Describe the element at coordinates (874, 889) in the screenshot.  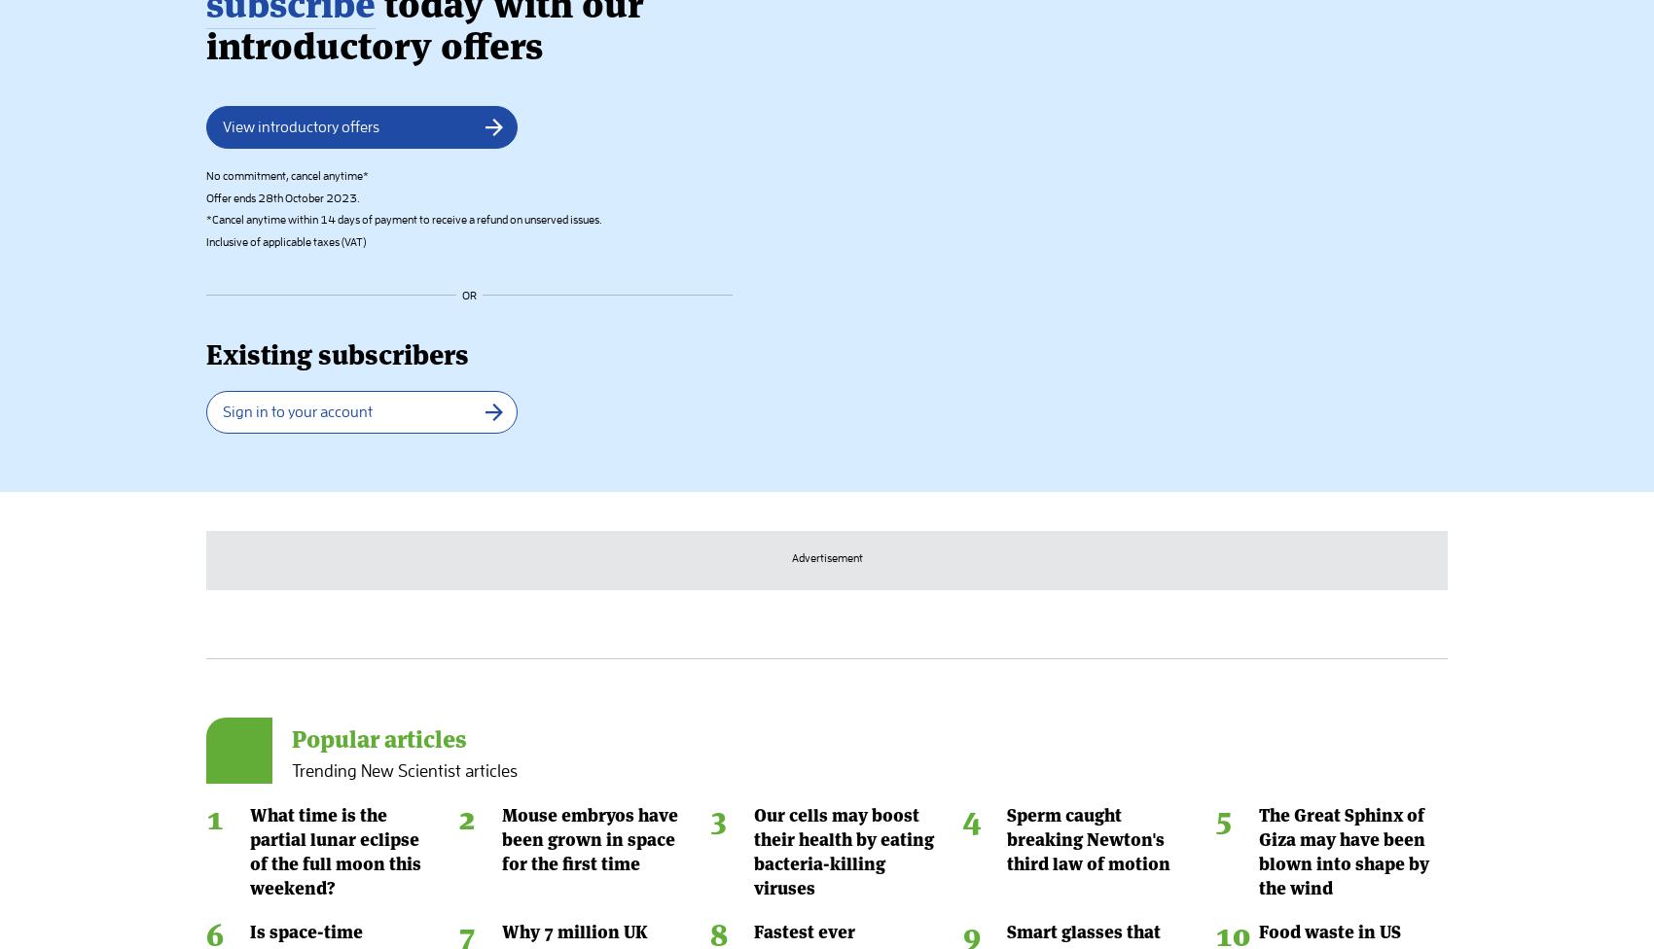
I see `'Write for us'` at that location.